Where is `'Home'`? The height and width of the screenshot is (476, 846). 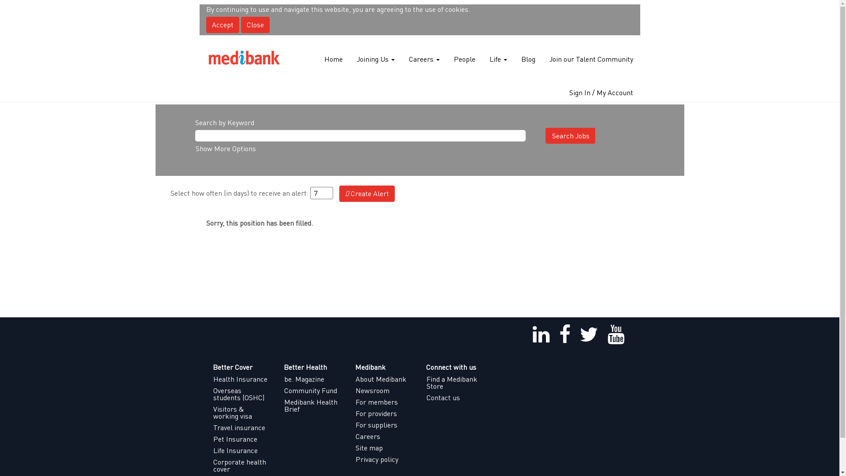 'Home' is located at coordinates (332, 59).